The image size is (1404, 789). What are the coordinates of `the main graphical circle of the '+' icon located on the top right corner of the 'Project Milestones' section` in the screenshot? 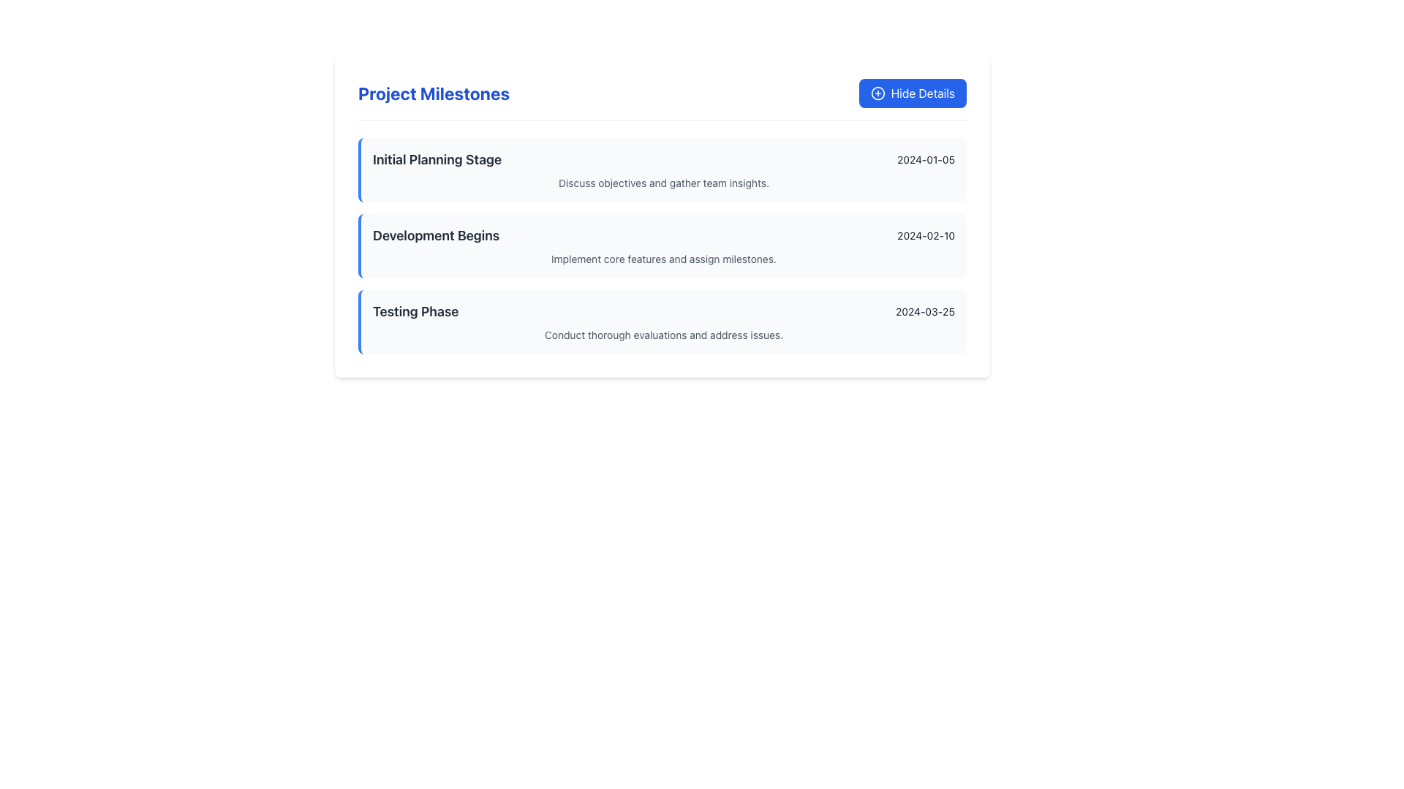 It's located at (877, 93).